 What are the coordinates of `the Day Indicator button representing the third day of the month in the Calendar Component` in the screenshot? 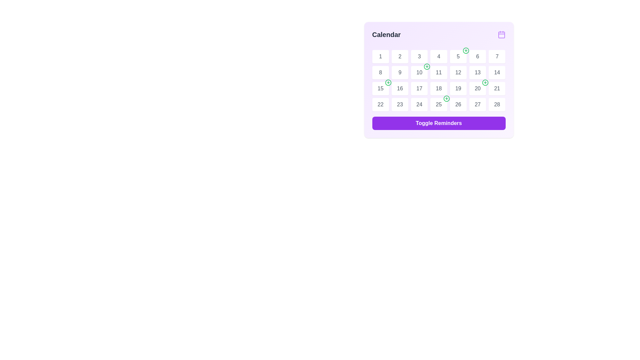 It's located at (419, 56).